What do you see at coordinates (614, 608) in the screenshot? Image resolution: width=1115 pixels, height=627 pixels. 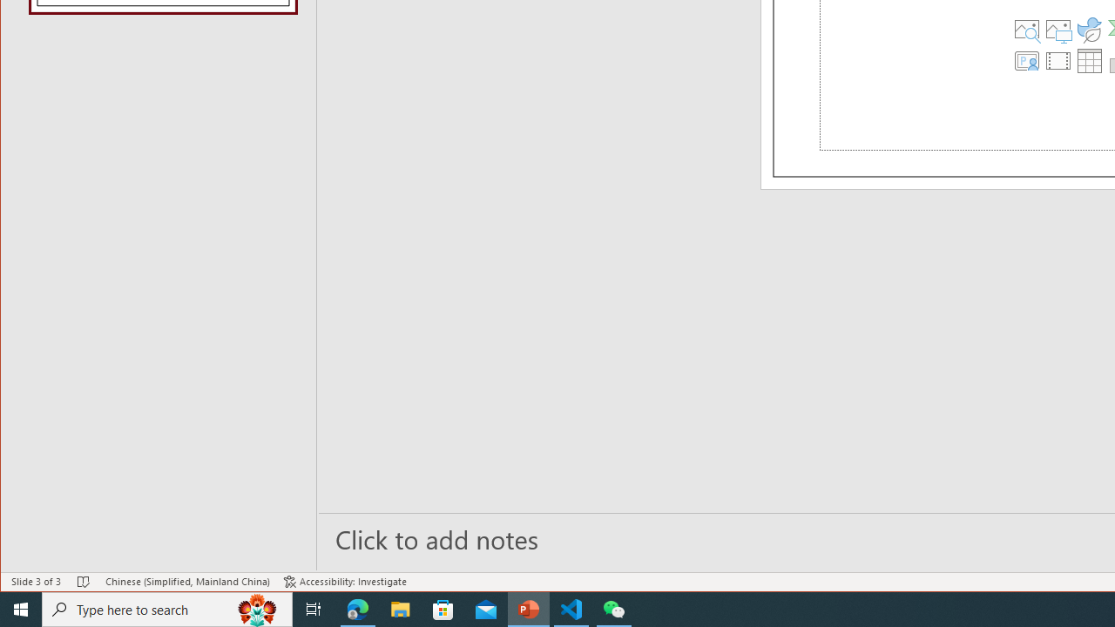 I see `'WeChat - 1 running window'` at bounding box center [614, 608].